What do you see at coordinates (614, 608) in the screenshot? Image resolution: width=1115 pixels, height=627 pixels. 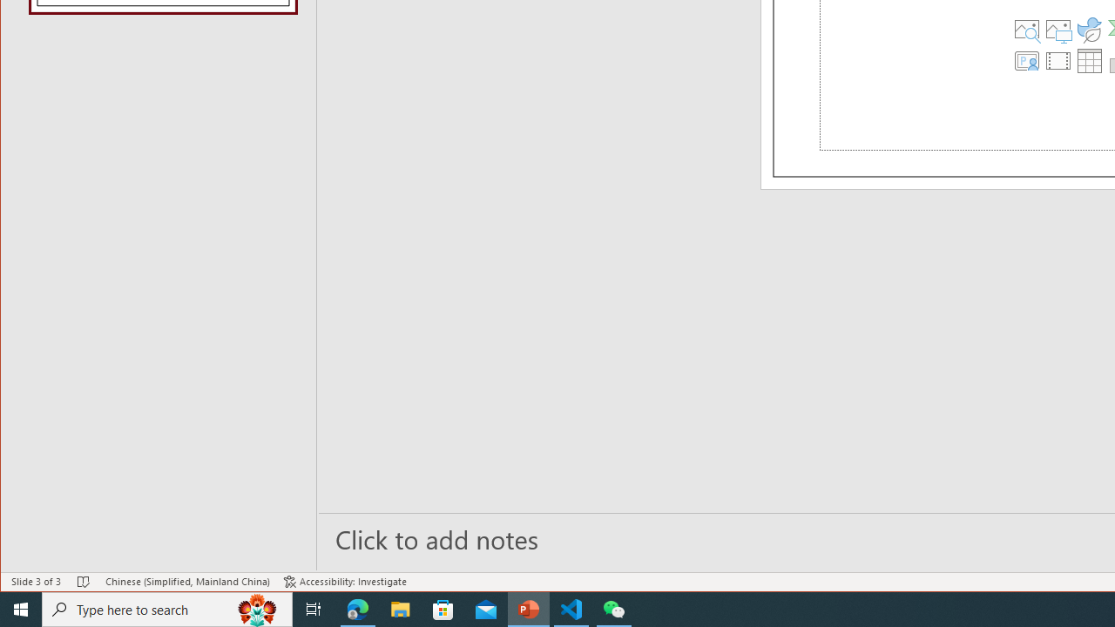 I see `'WeChat - 1 running window'` at bounding box center [614, 608].